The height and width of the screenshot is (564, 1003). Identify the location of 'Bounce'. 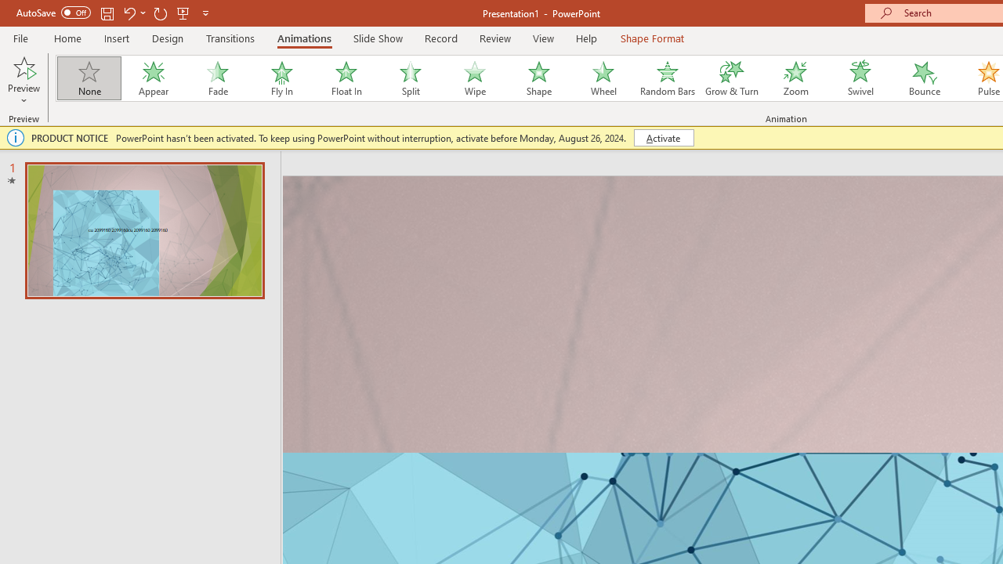
(925, 78).